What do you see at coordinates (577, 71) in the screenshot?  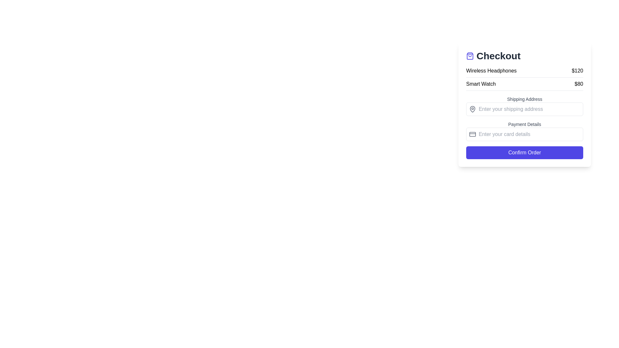 I see `the text label displaying '$120' in bold, located in the checkout section to the far right of the 'Wireless Headphones' line item description` at bounding box center [577, 71].